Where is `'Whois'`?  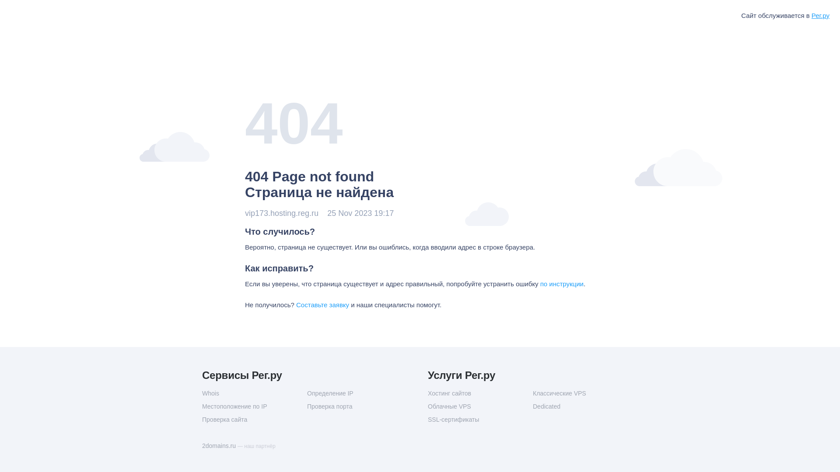
'Whois' is located at coordinates (254, 392).